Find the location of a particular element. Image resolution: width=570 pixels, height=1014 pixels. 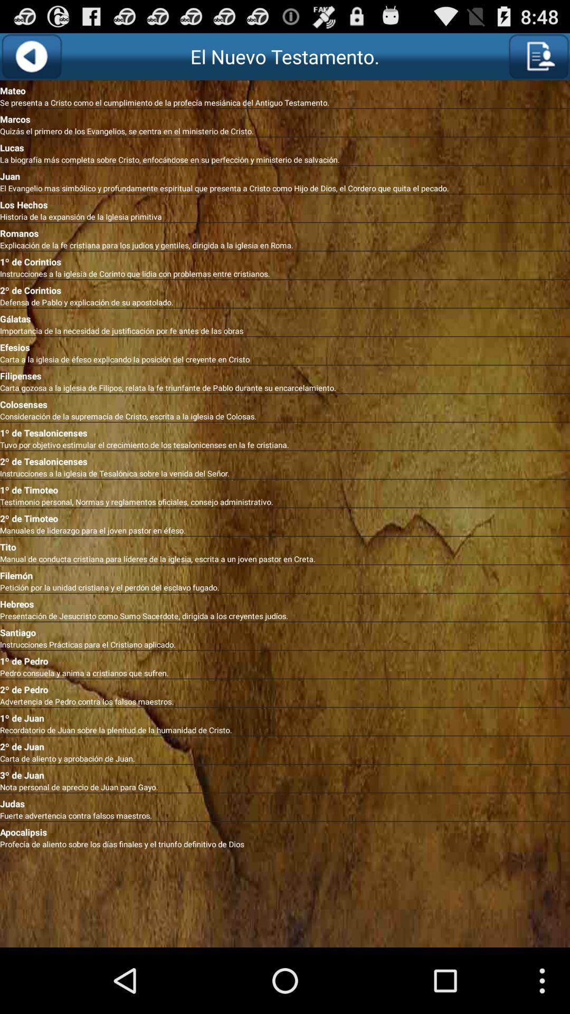

colosenses is located at coordinates (285, 402).